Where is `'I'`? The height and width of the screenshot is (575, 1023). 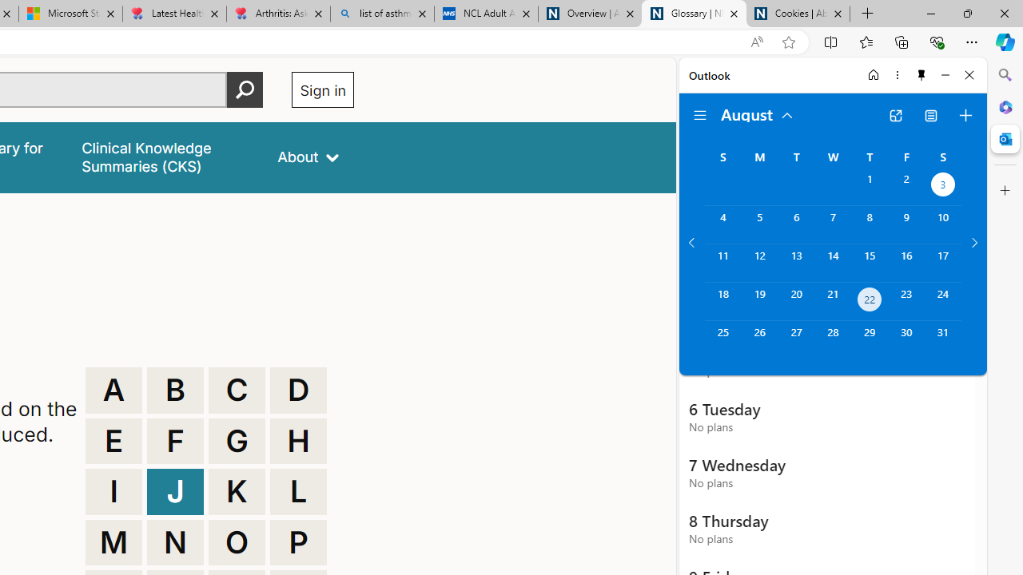
'I' is located at coordinates (113, 490).